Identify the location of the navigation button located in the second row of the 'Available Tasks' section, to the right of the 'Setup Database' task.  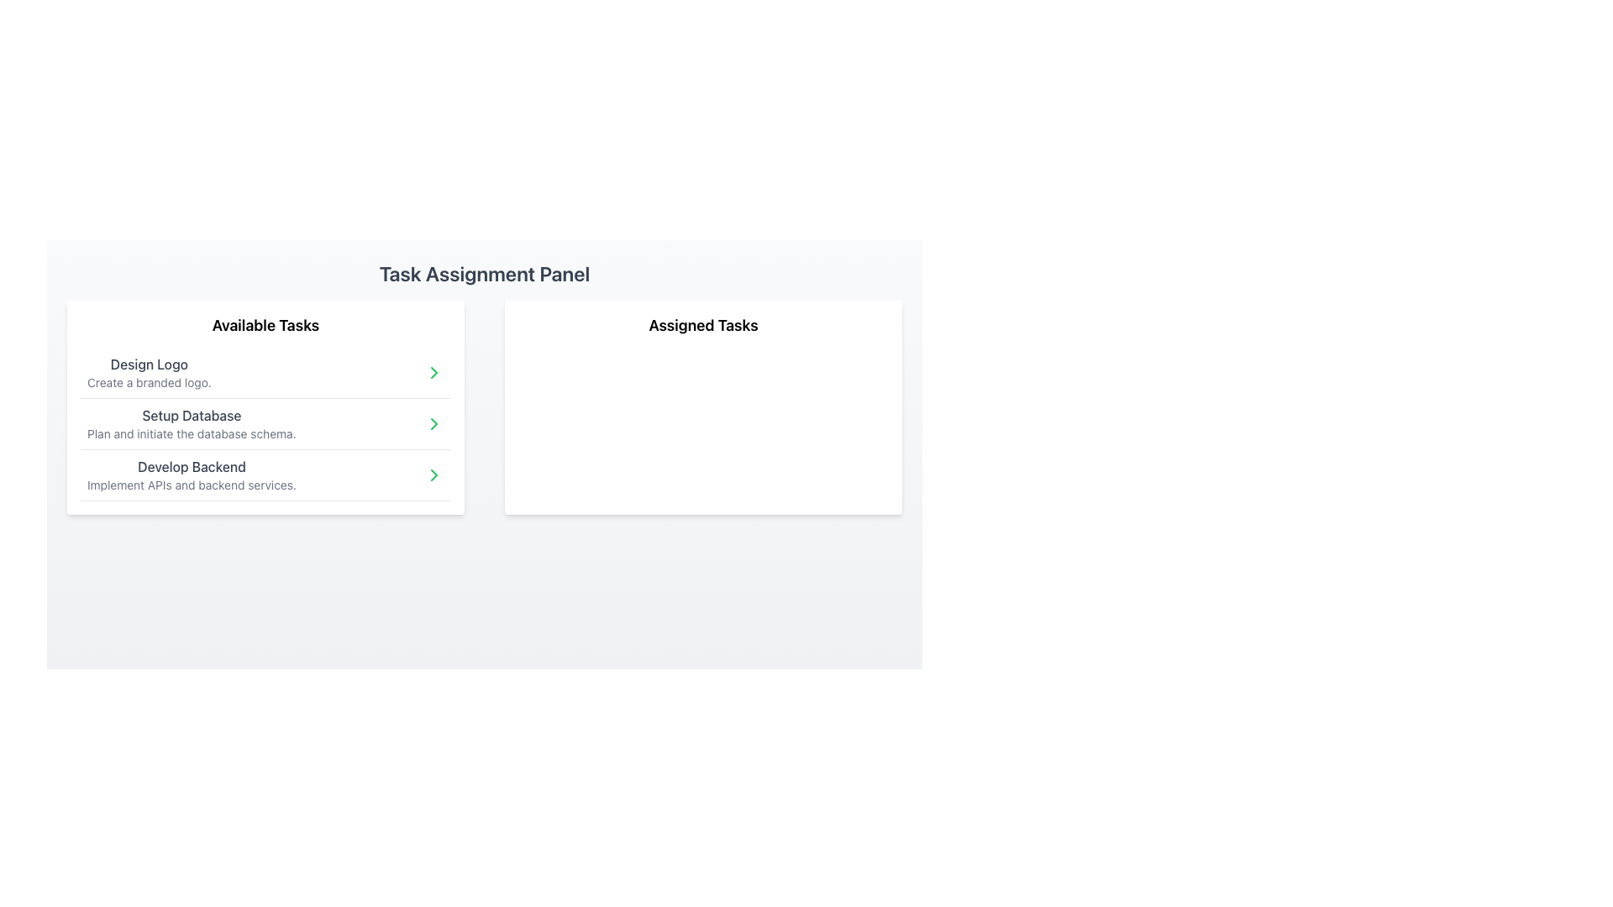
(434, 423).